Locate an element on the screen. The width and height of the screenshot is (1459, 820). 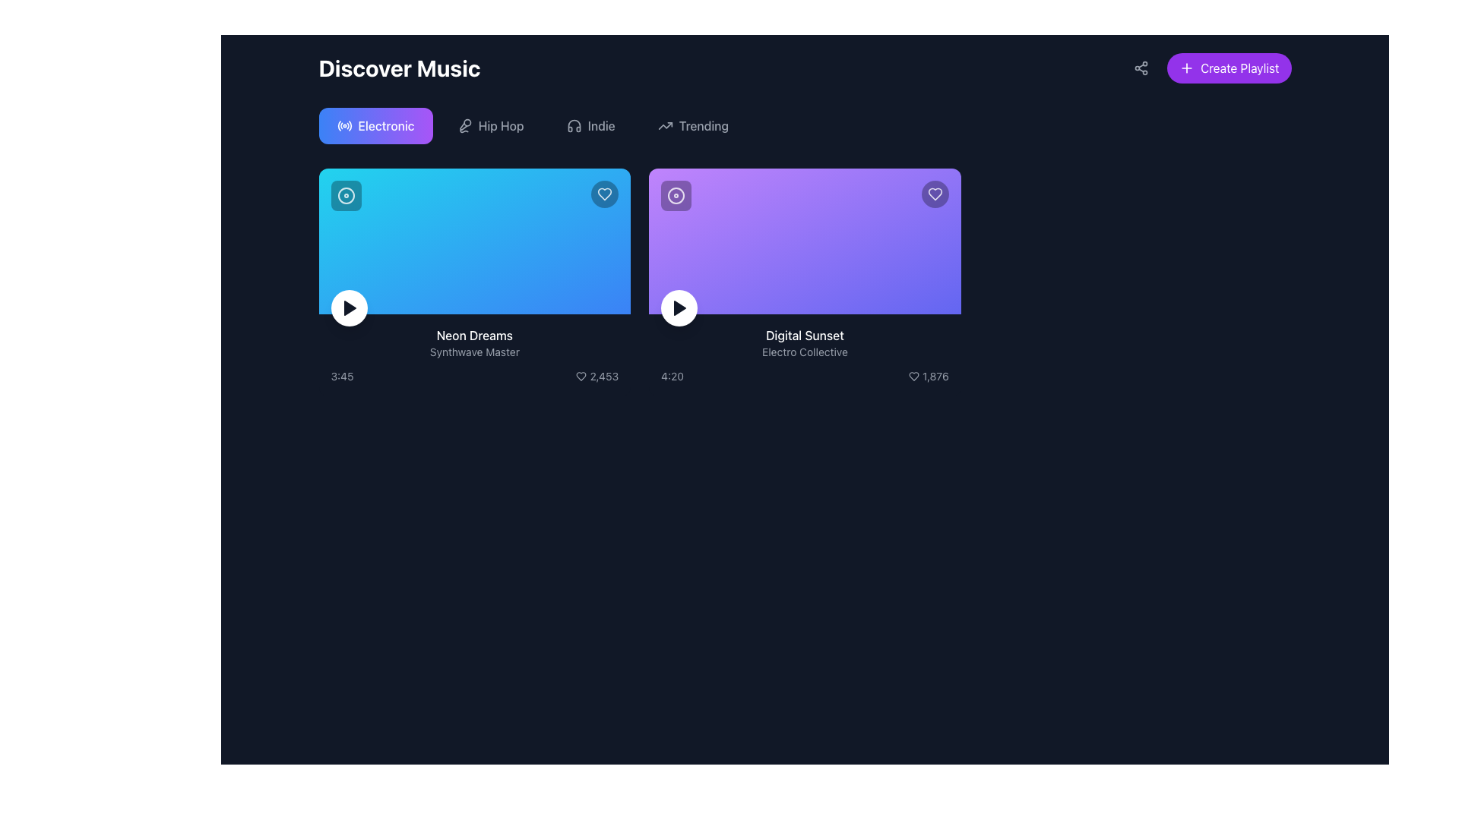
the 'Trending' icon located on the navigation bar, which serves as a visual indicator for the trending category and is positioned to the right of the 'Indie' option is located at coordinates (665, 125).